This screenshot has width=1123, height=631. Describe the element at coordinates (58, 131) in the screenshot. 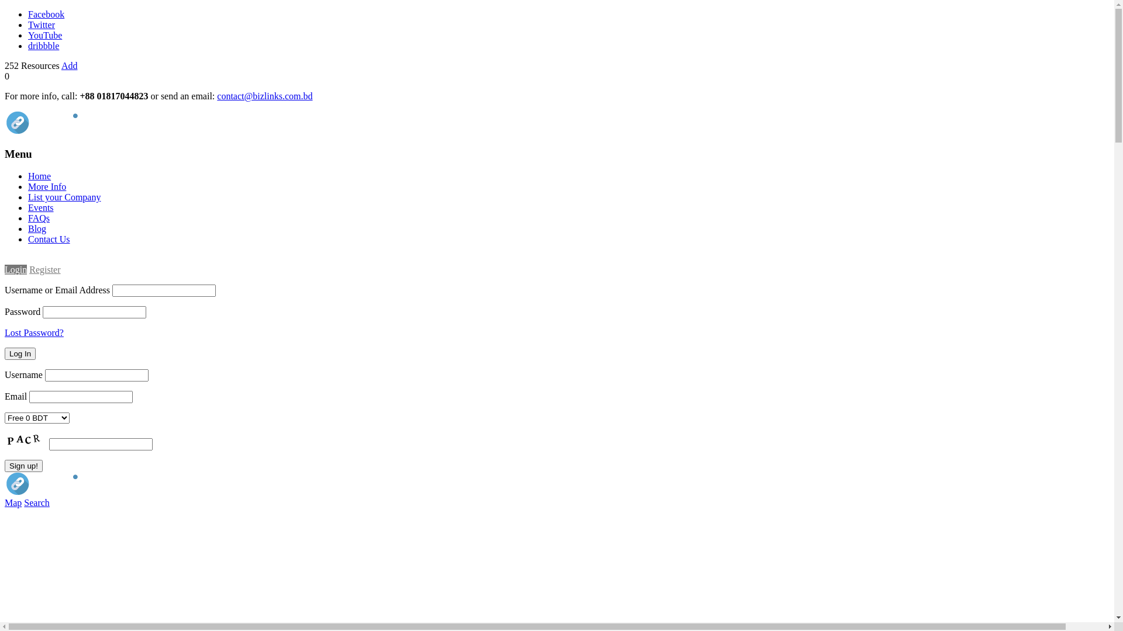

I see `'bizLinks'` at that location.